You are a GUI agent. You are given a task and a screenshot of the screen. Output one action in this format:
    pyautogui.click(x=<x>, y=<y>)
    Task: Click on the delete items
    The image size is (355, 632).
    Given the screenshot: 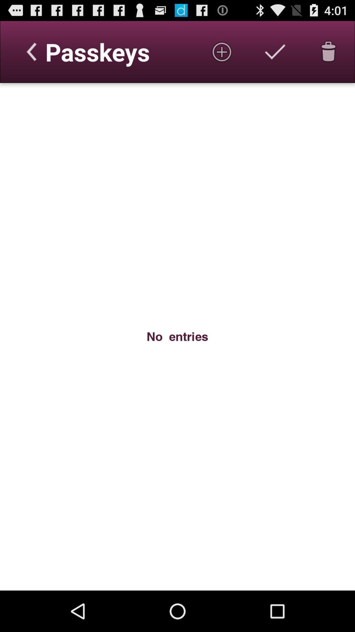 What is the action you would take?
    pyautogui.click(x=328, y=51)
    